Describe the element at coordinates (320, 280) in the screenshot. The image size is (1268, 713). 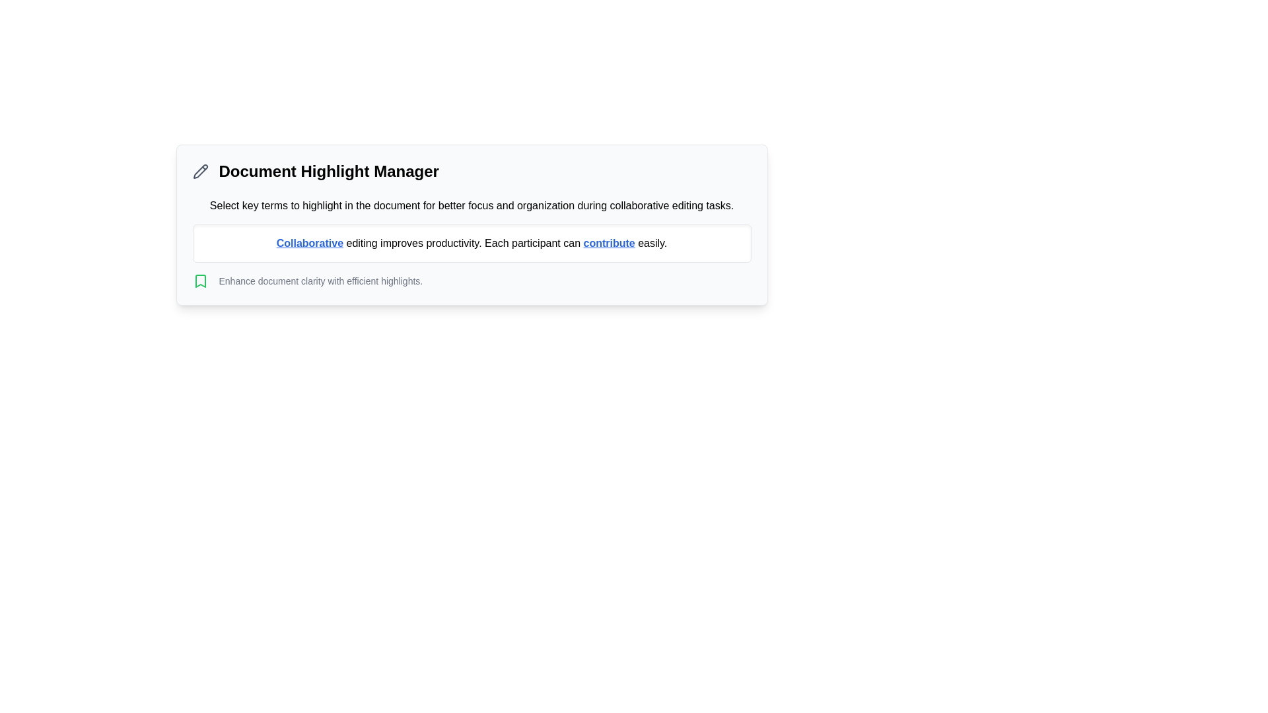
I see `the supplementary information text element that encourages document clarity, located below the 'Document Highlight Manager' heading` at that location.